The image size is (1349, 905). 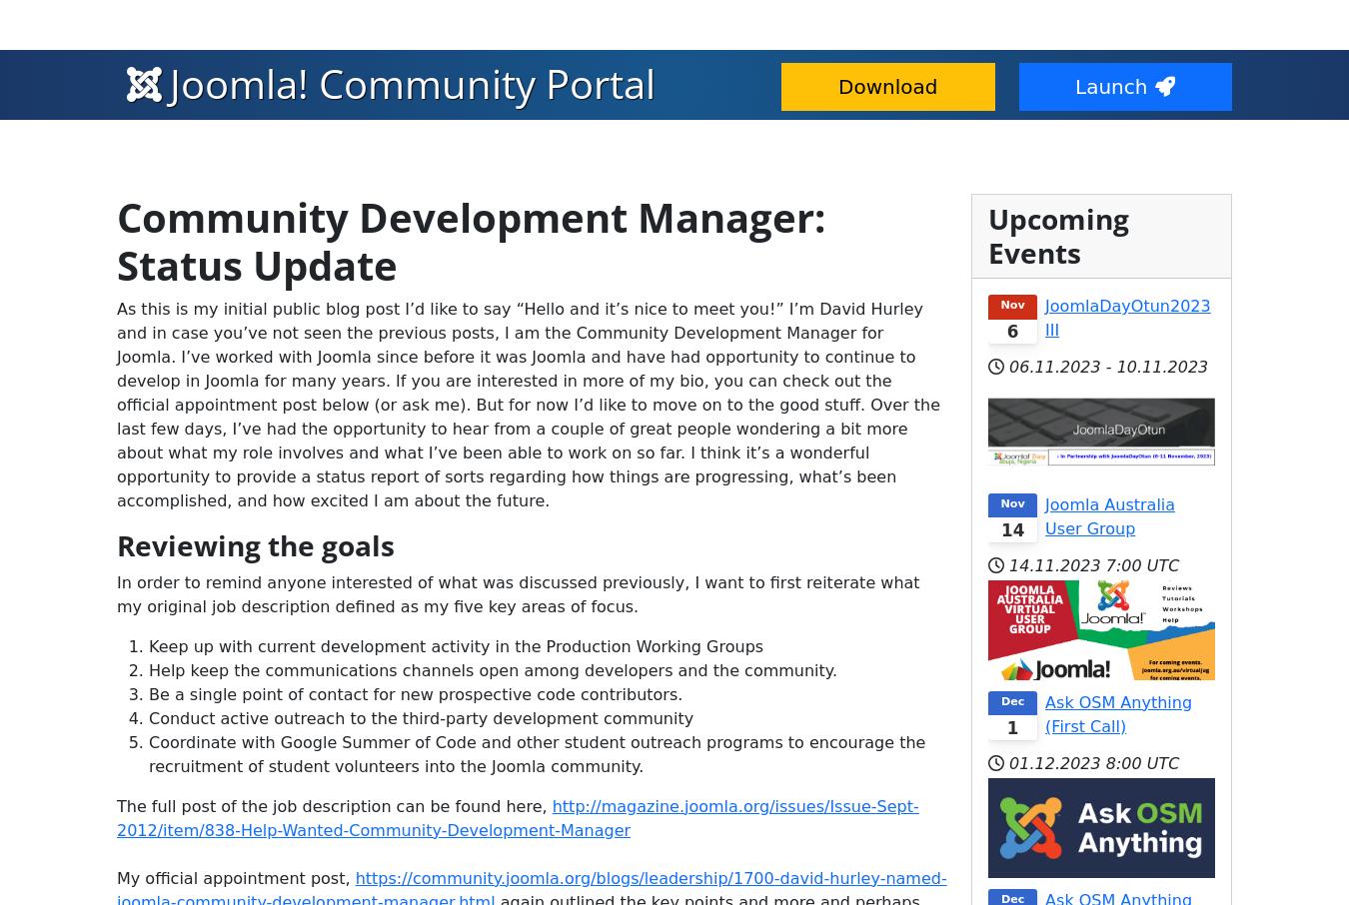 What do you see at coordinates (427, 70) in the screenshot?
I see `'Events'` at bounding box center [427, 70].